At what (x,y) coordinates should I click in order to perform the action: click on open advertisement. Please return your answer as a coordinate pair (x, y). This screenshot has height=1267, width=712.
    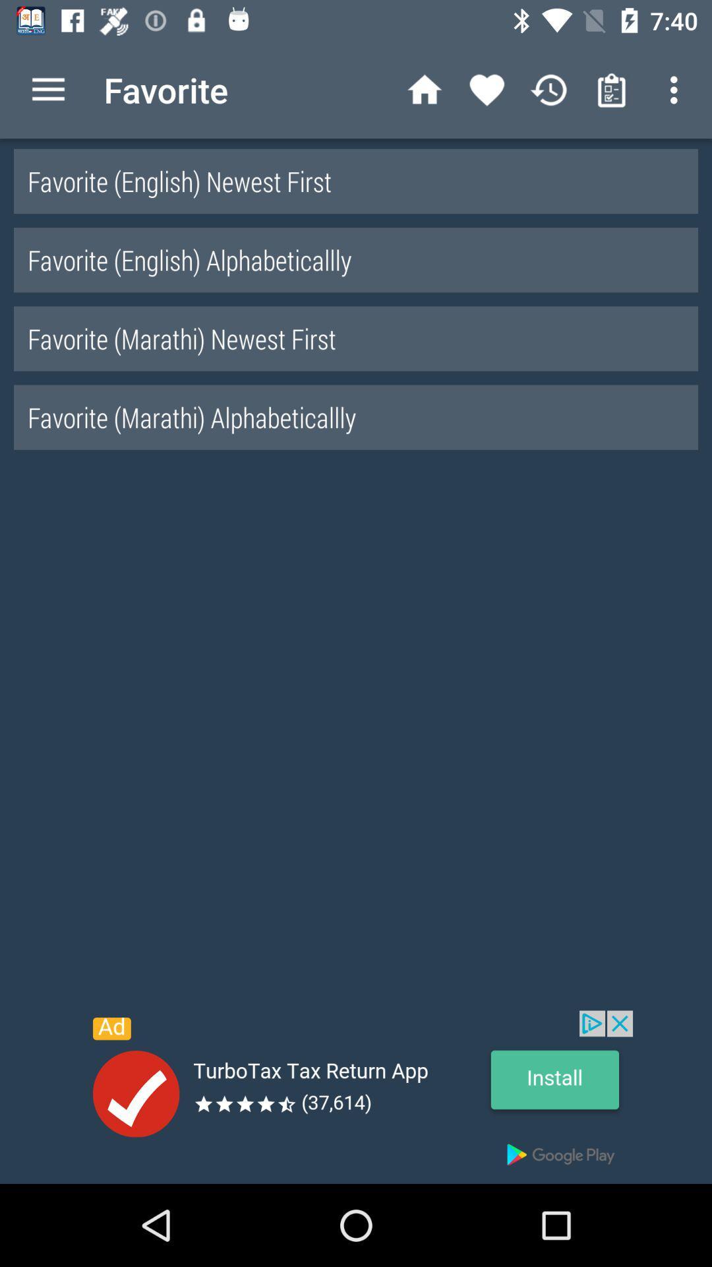
    Looking at the image, I should click on (356, 1097).